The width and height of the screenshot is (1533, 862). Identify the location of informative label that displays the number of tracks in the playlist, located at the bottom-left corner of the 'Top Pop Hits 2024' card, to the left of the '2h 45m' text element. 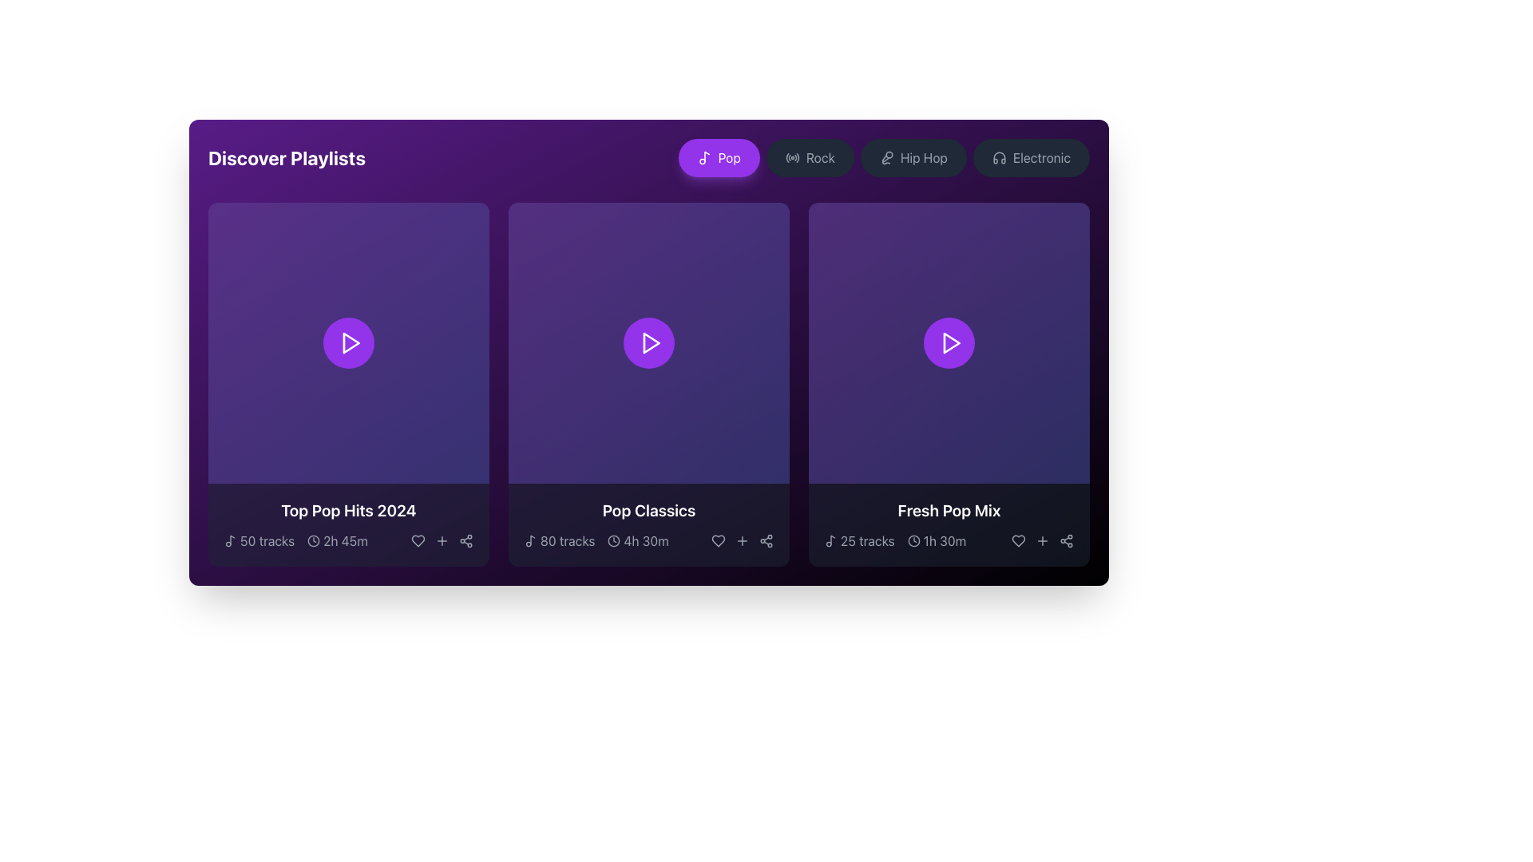
(259, 540).